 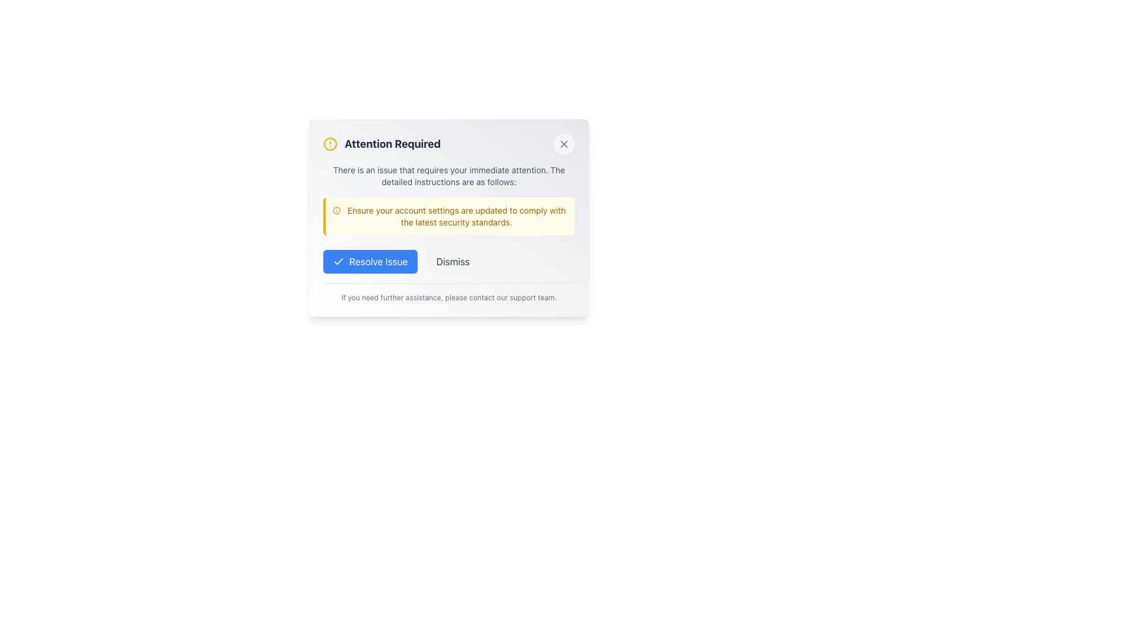 I want to click on the circular icon with a yellow border and an exclamation mark inside, located to the left of the 'Attention Required' title in the top-left part of the modal window, so click(x=330, y=144).